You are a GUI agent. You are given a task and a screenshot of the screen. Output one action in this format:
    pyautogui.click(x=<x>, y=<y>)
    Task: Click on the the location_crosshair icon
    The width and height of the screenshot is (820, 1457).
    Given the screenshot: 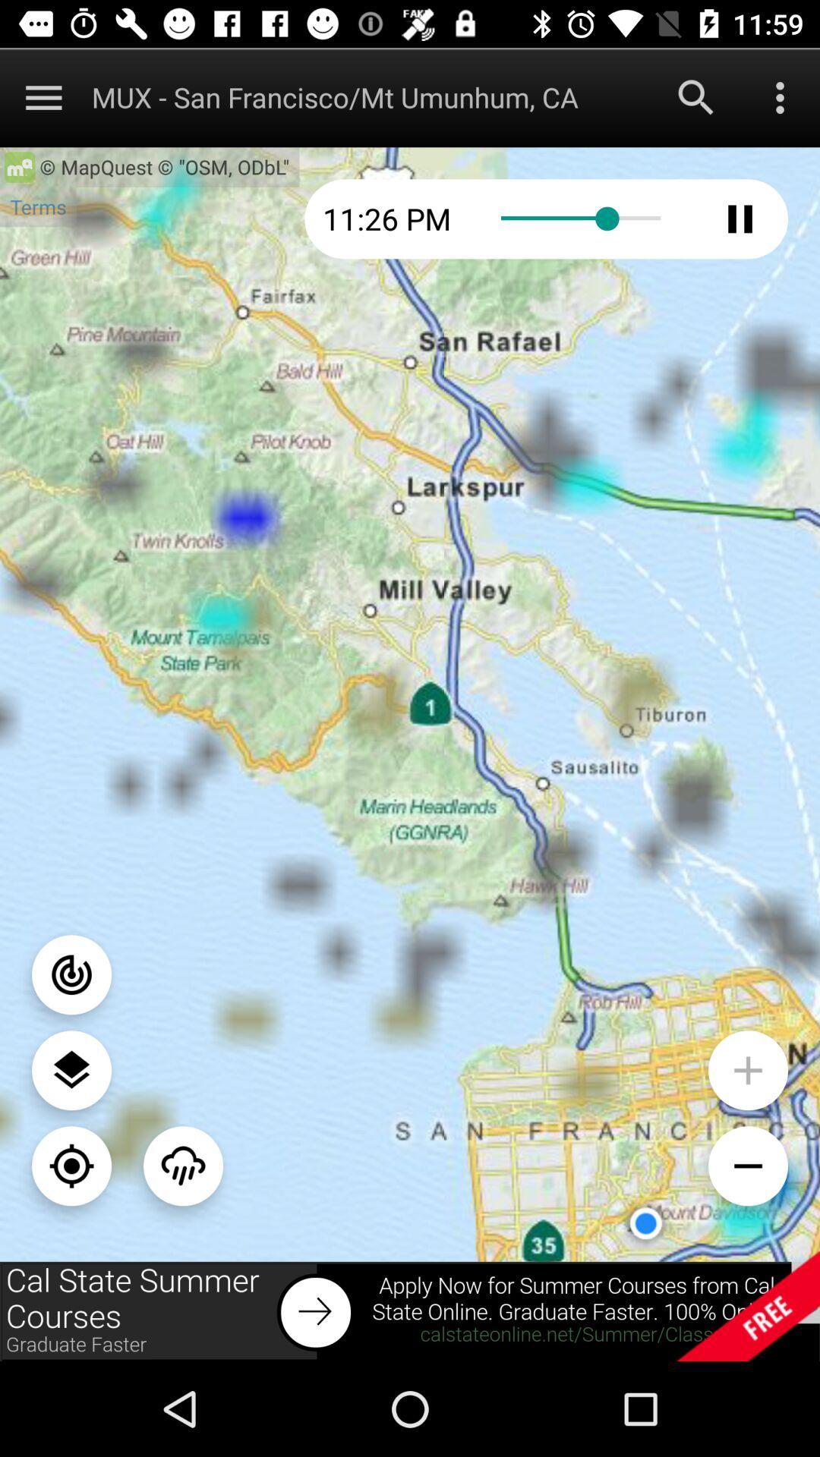 What is the action you would take?
    pyautogui.click(x=71, y=1165)
    